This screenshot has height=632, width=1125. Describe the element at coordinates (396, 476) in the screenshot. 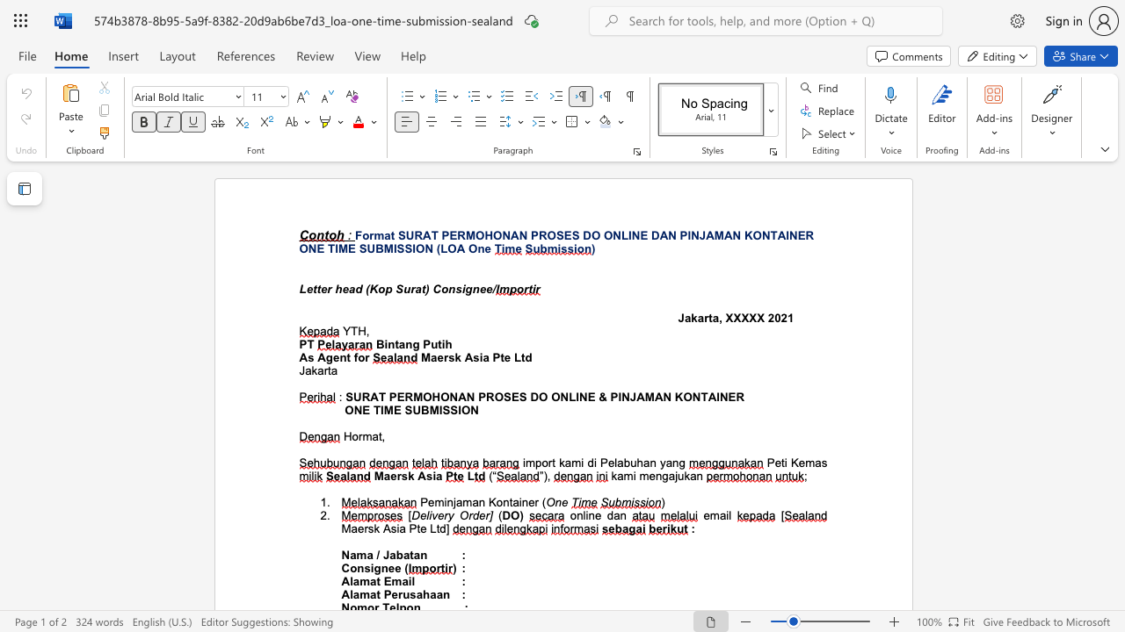

I see `the subset text "rsk A" within the text "Maersk Asia"` at that location.